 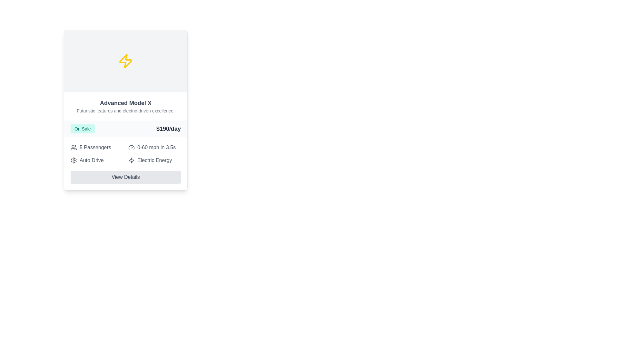 What do you see at coordinates (154, 160) in the screenshot?
I see `the informative label with an icon indicating electric energy, located in the lower-right section of the grid interface, below 'Auto Drive' and to the right of '5 Passengers'` at bounding box center [154, 160].